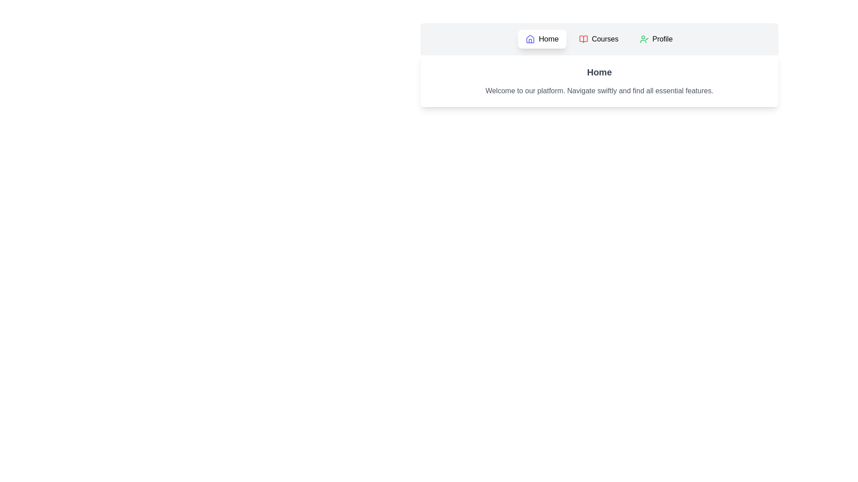 The image size is (858, 482). I want to click on the tab labeled Profile to read its content, so click(656, 39).